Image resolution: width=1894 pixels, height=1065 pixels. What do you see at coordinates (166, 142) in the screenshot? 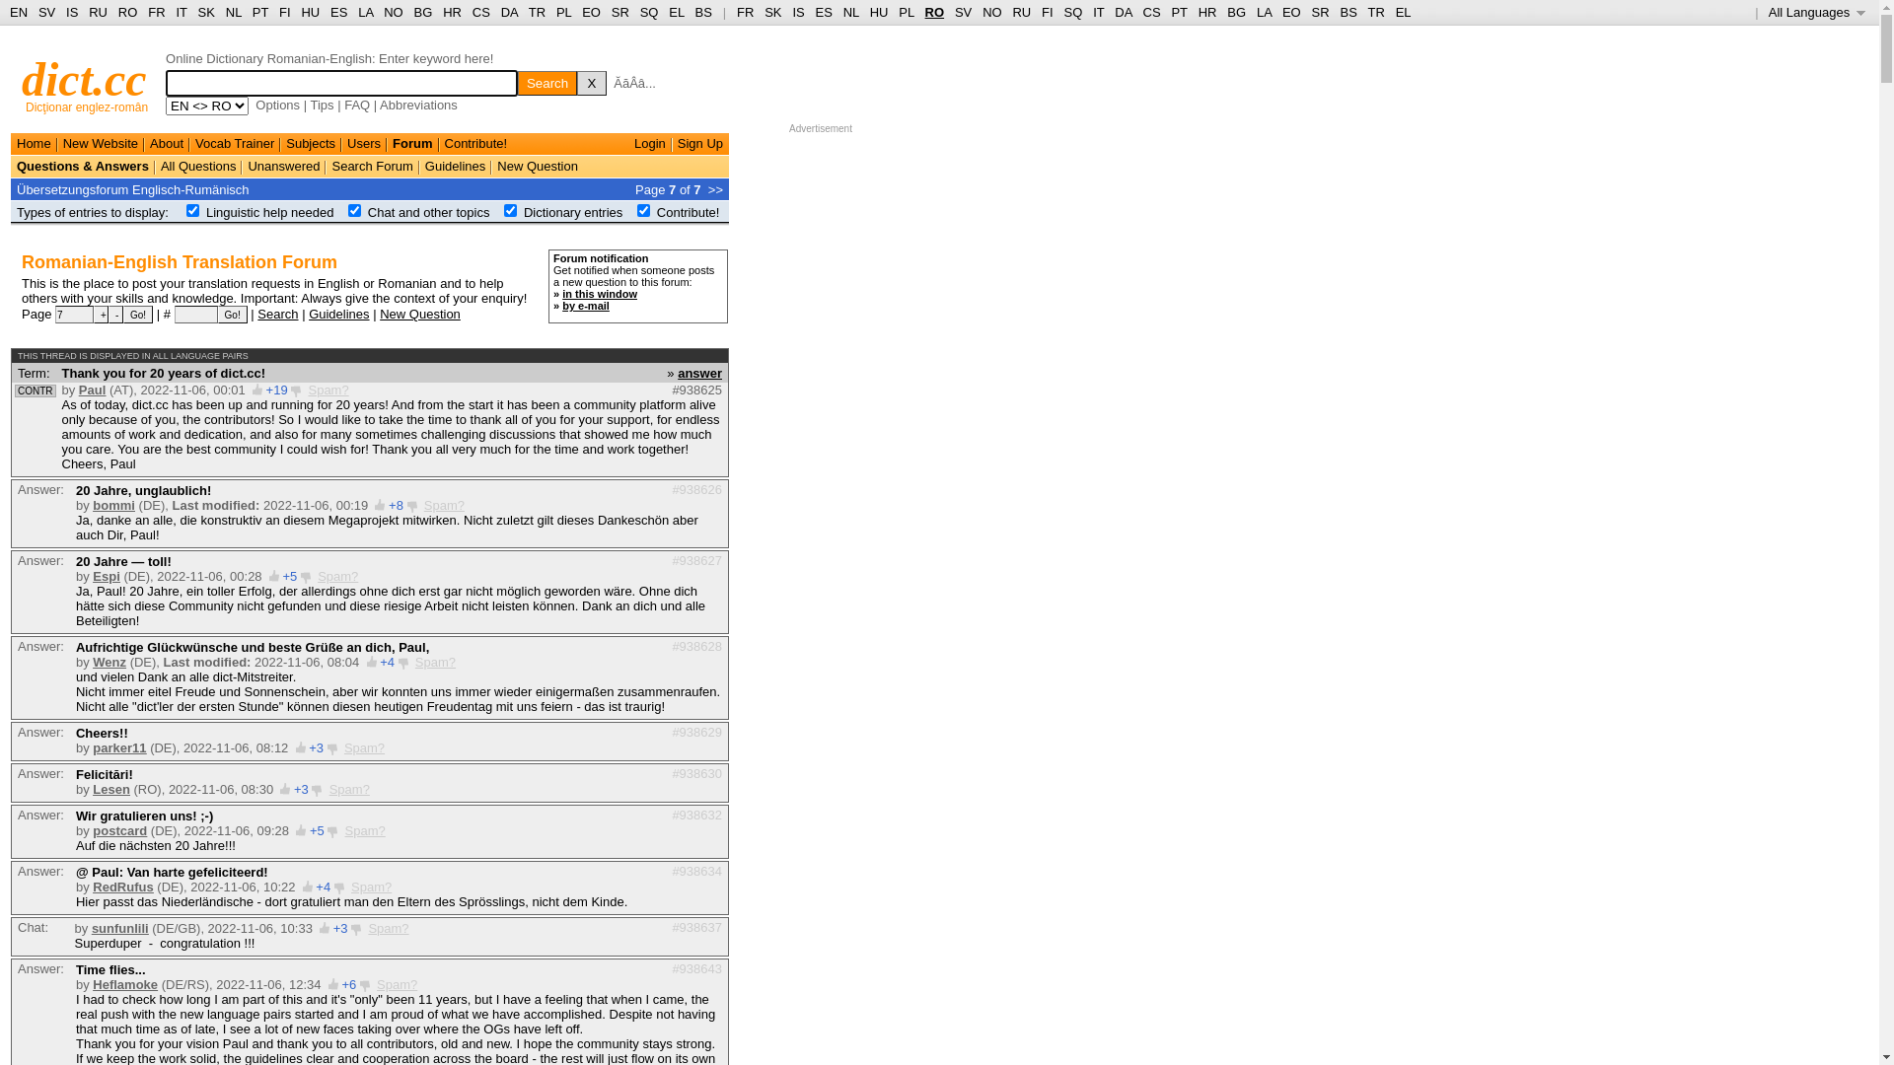
I see `'About'` at bounding box center [166, 142].